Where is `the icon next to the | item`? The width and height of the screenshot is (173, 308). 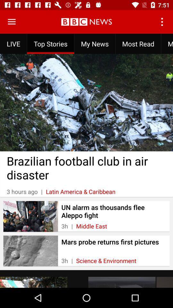
the icon next to the | item is located at coordinates (106, 261).